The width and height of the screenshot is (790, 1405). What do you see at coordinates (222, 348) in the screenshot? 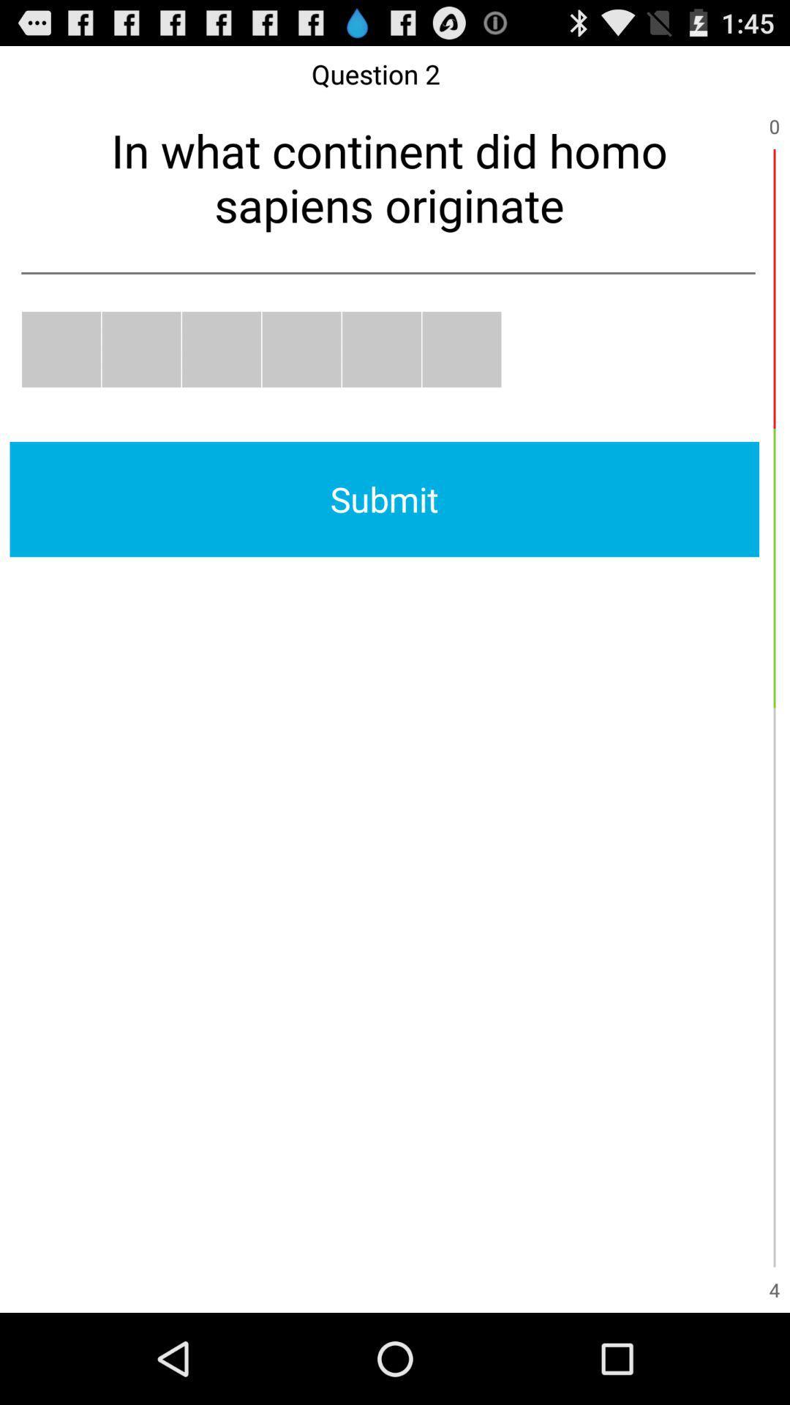
I see `the item above submit item` at bounding box center [222, 348].